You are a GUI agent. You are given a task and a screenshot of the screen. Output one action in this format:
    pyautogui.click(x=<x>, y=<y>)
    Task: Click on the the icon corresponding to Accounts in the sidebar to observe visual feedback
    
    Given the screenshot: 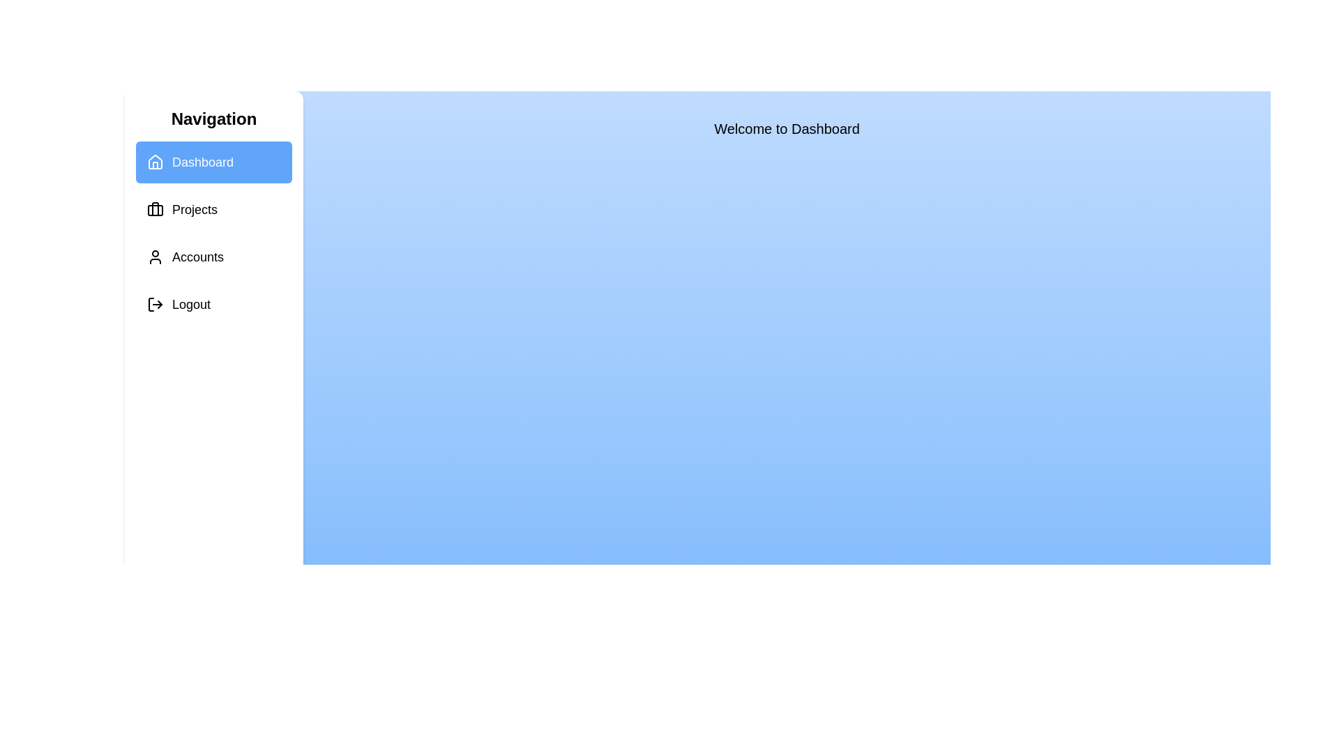 What is the action you would take?
    pyautogui.click(x=155, y=257)
    